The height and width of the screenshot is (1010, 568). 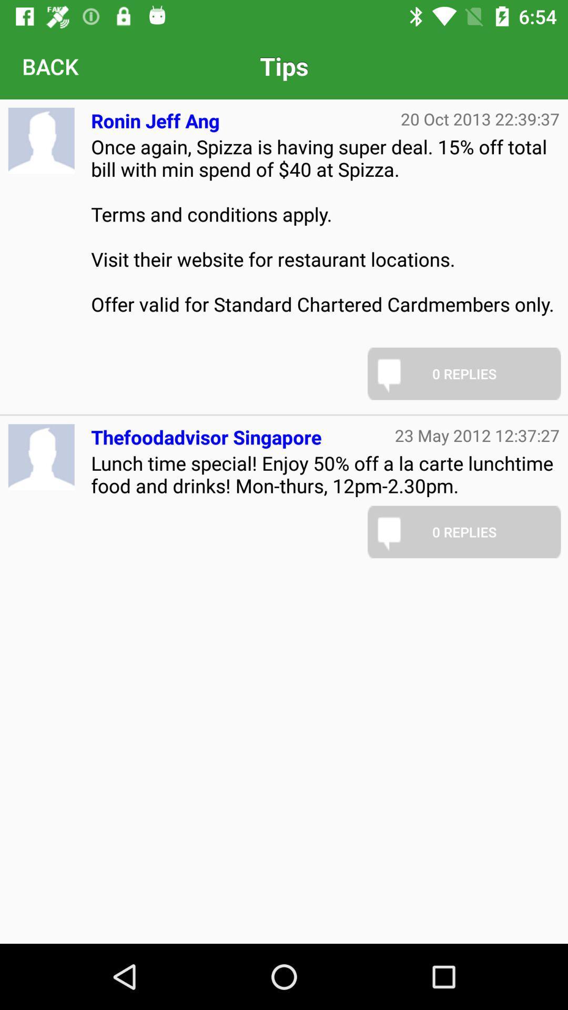 What do you see at coordinates (324, 473) in the screenshot?
I see `lunch time special` at bounding box center [324, 473].